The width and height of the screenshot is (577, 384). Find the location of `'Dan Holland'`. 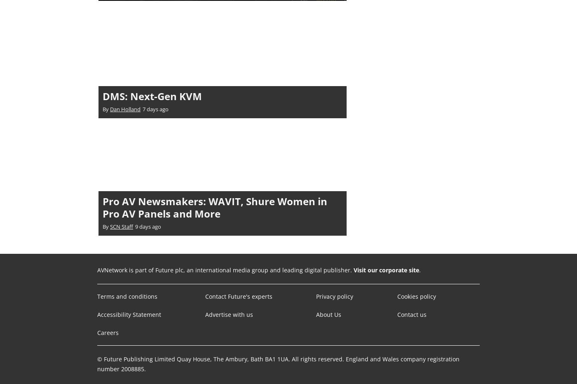

'Dan Holland' is located at coordinates (125, 108).